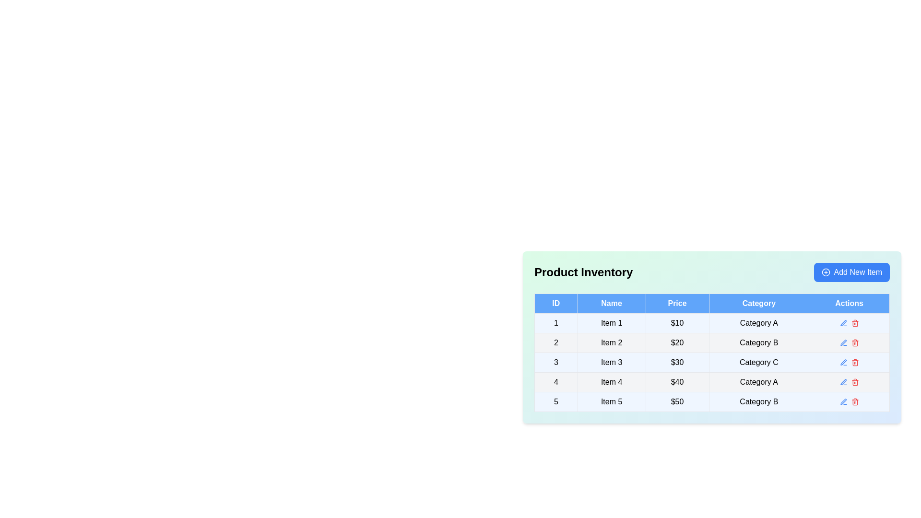 This screenshot has width=921, height=518. I want to click on the numeric textual component displaying '3' in black, located in the first cell of the third row of the table, which is directly below the cell containing '2', so click(556, 363).